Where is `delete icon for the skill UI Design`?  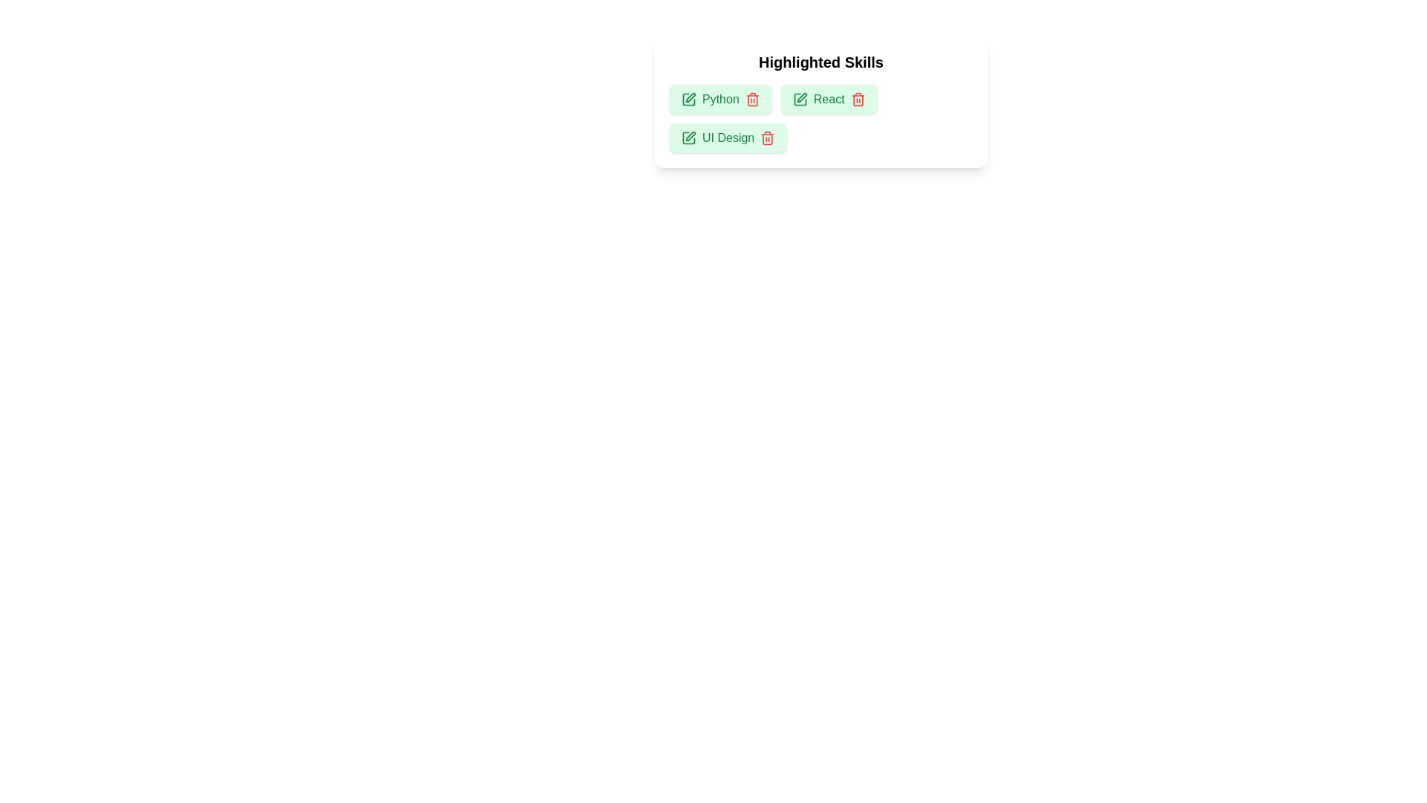 delete icon for the skill UI Design is located at coordinates (768, 138).